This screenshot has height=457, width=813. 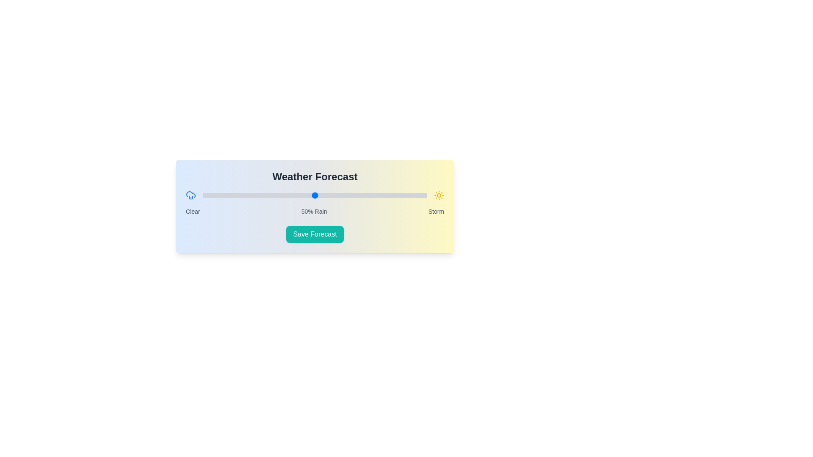 What do you see at coordinates (191, 195) in the screenshot?
I see `the icon CloudRain to reveal additional information or effects` at bounding box center [191, 195].